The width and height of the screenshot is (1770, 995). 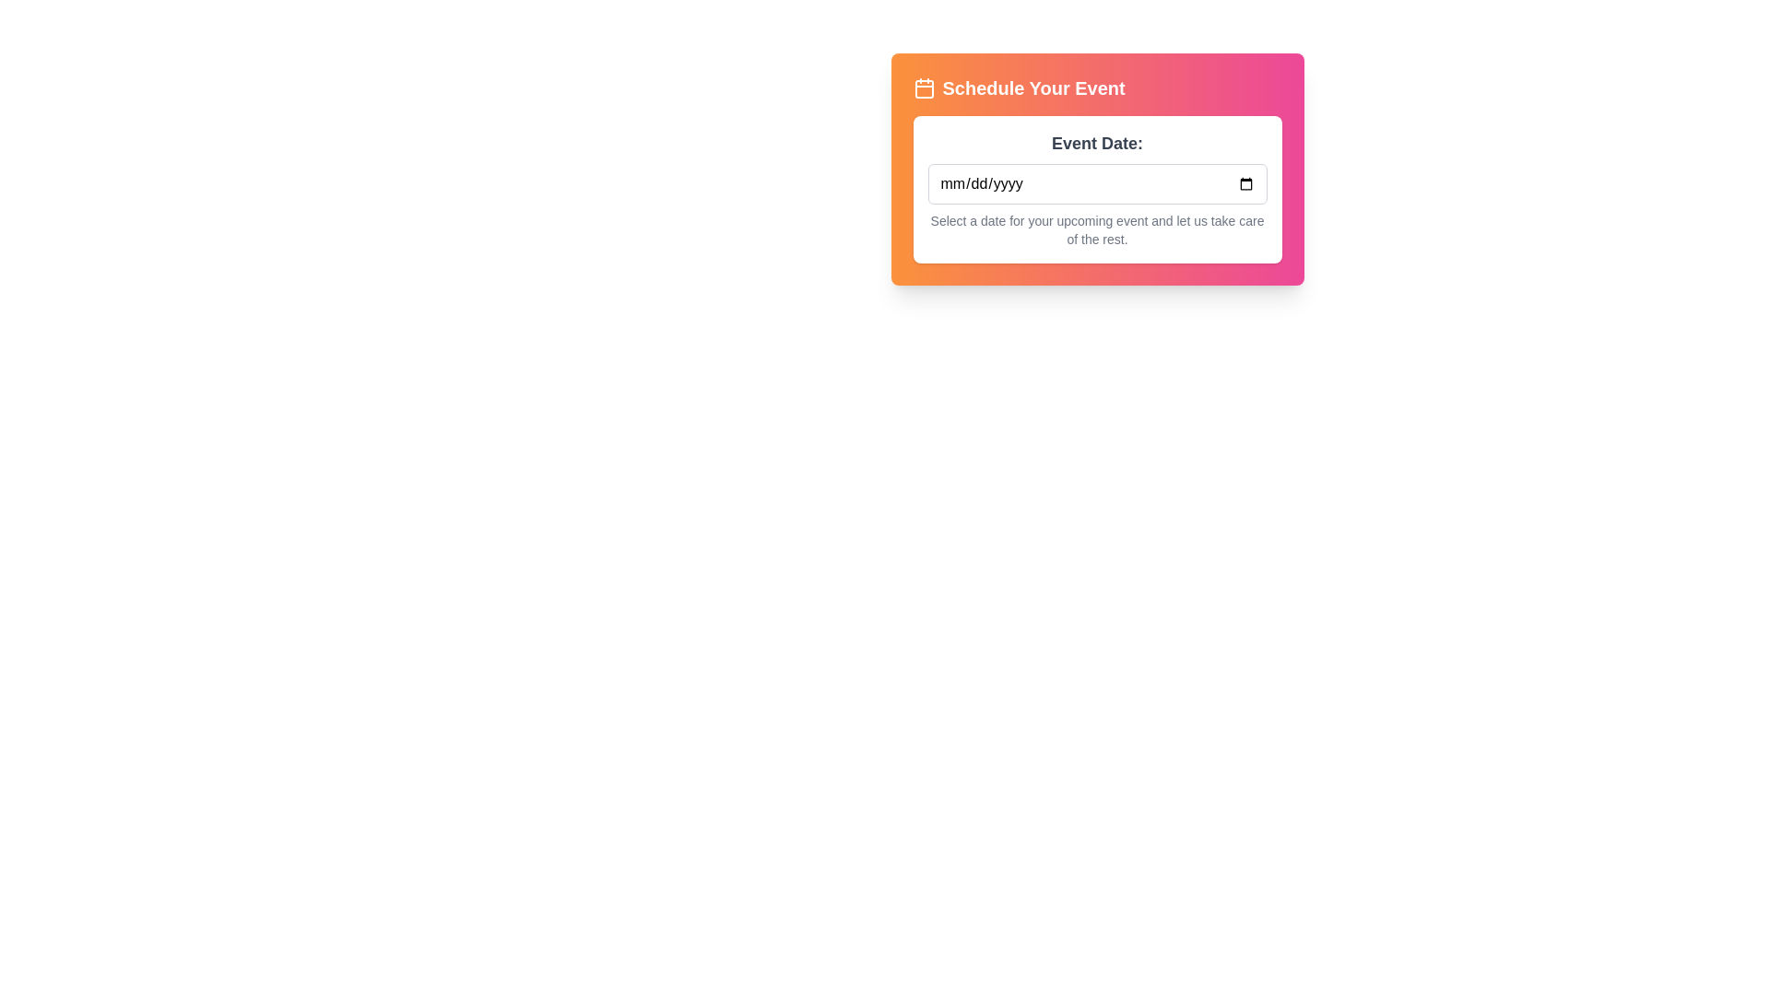 What do you see at coordinates (924, 88) in the screenshot?
I see `the rounded rectangle element with an orange fill, part of the calendar icon next to 'Schedule Your Event' in the header section` at bounding box center [924, 88].